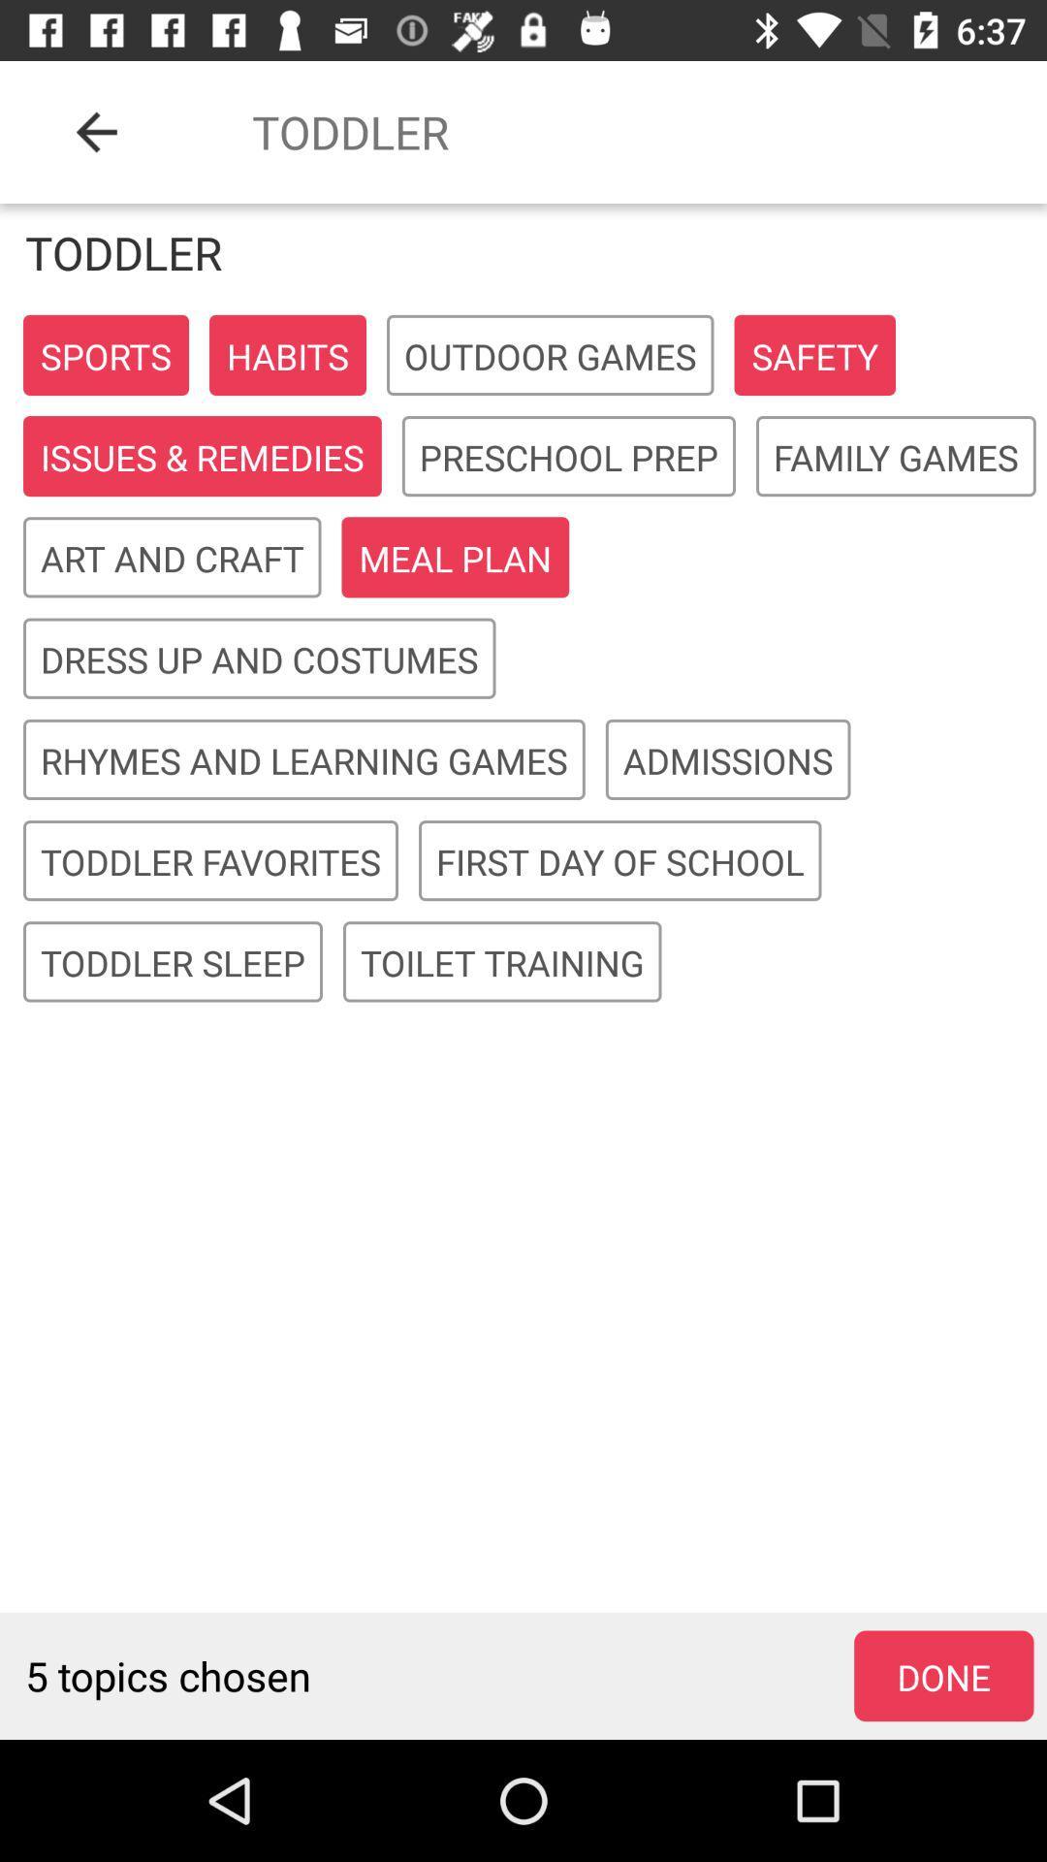 The image size is (1047, 1862). Describe the element at coordinates (96, 131) in the screenshot. I see `the previous page` at that location.